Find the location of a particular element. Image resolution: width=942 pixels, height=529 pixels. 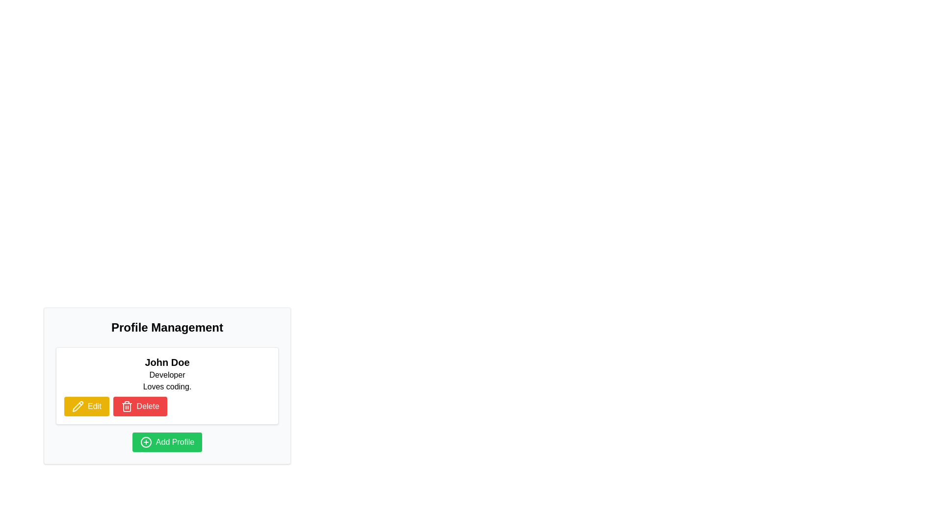

the 'Add Profile' icon located on the leftmost side of the green button labeled 'Add Profile' is located at coordinates (145, 442).